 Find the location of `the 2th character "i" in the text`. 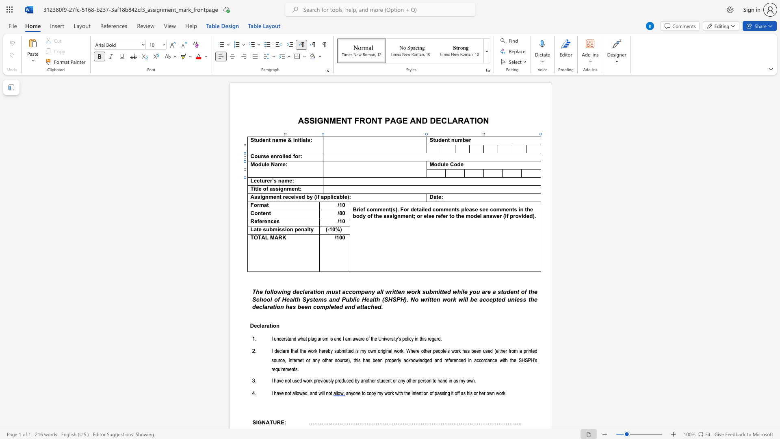

the 2th character "i" in the text is located at coordinates (294, 197).